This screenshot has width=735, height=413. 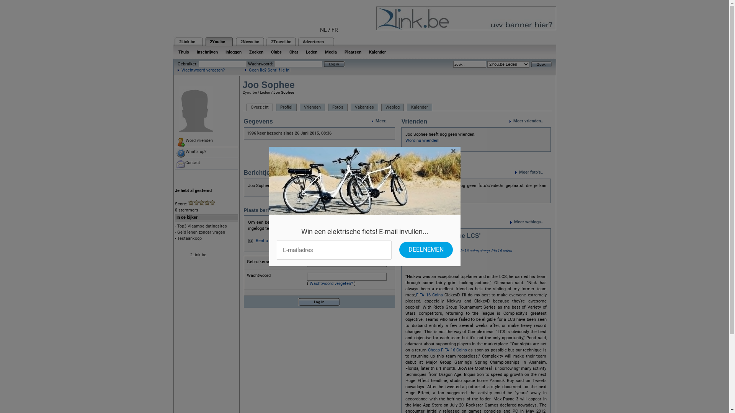 I want to click on 'fifa 16 coins,cheap', so click(x=473, y=250).